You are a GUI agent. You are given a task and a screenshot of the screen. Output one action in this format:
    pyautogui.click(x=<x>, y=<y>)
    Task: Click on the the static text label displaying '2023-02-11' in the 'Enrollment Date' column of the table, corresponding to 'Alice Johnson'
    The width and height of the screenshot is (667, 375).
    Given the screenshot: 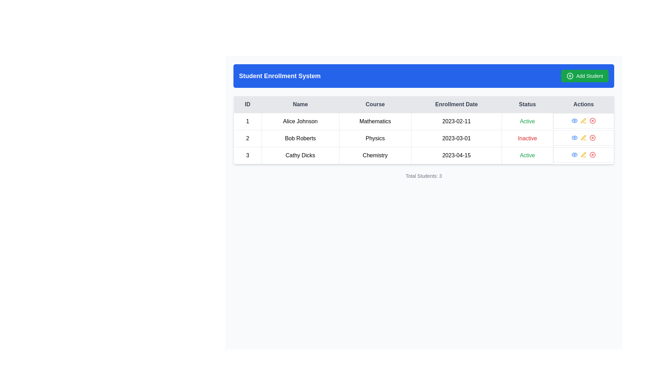 What is the action you would take?
    pyautogui.click(x=456, y=121)
    